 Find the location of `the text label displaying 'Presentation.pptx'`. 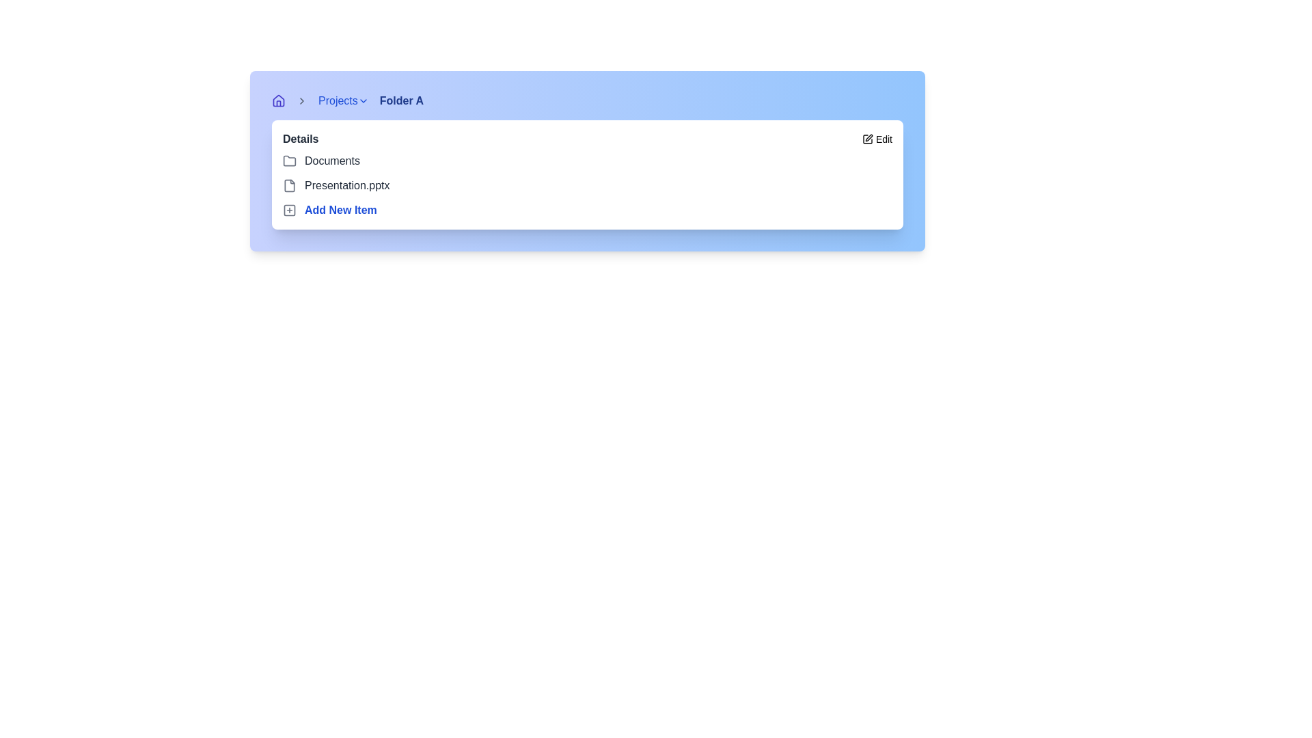

the text label displaying 'Presentation.pptx' is located at coordinates (347, 186).